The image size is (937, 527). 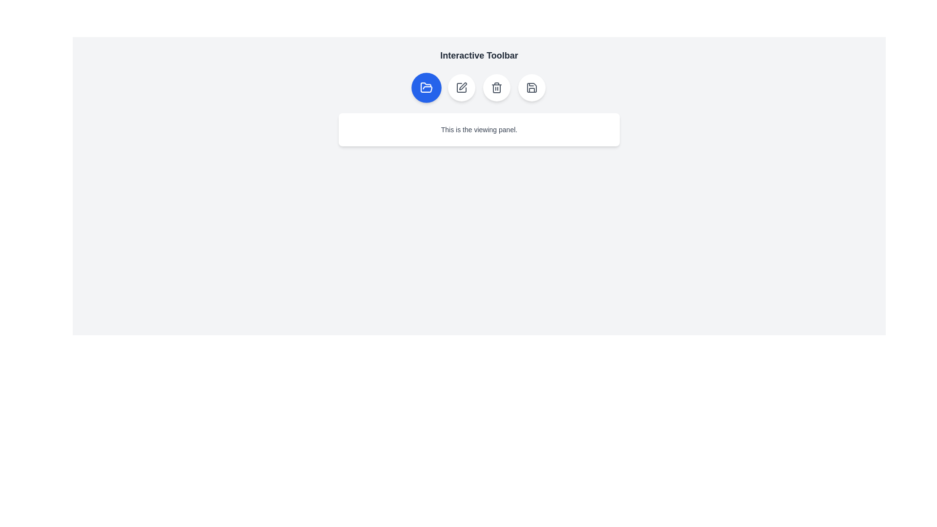 I want to click on the rounded blue button with a white folder icon located in the center-top toolbar, so click(x=426, y=88).